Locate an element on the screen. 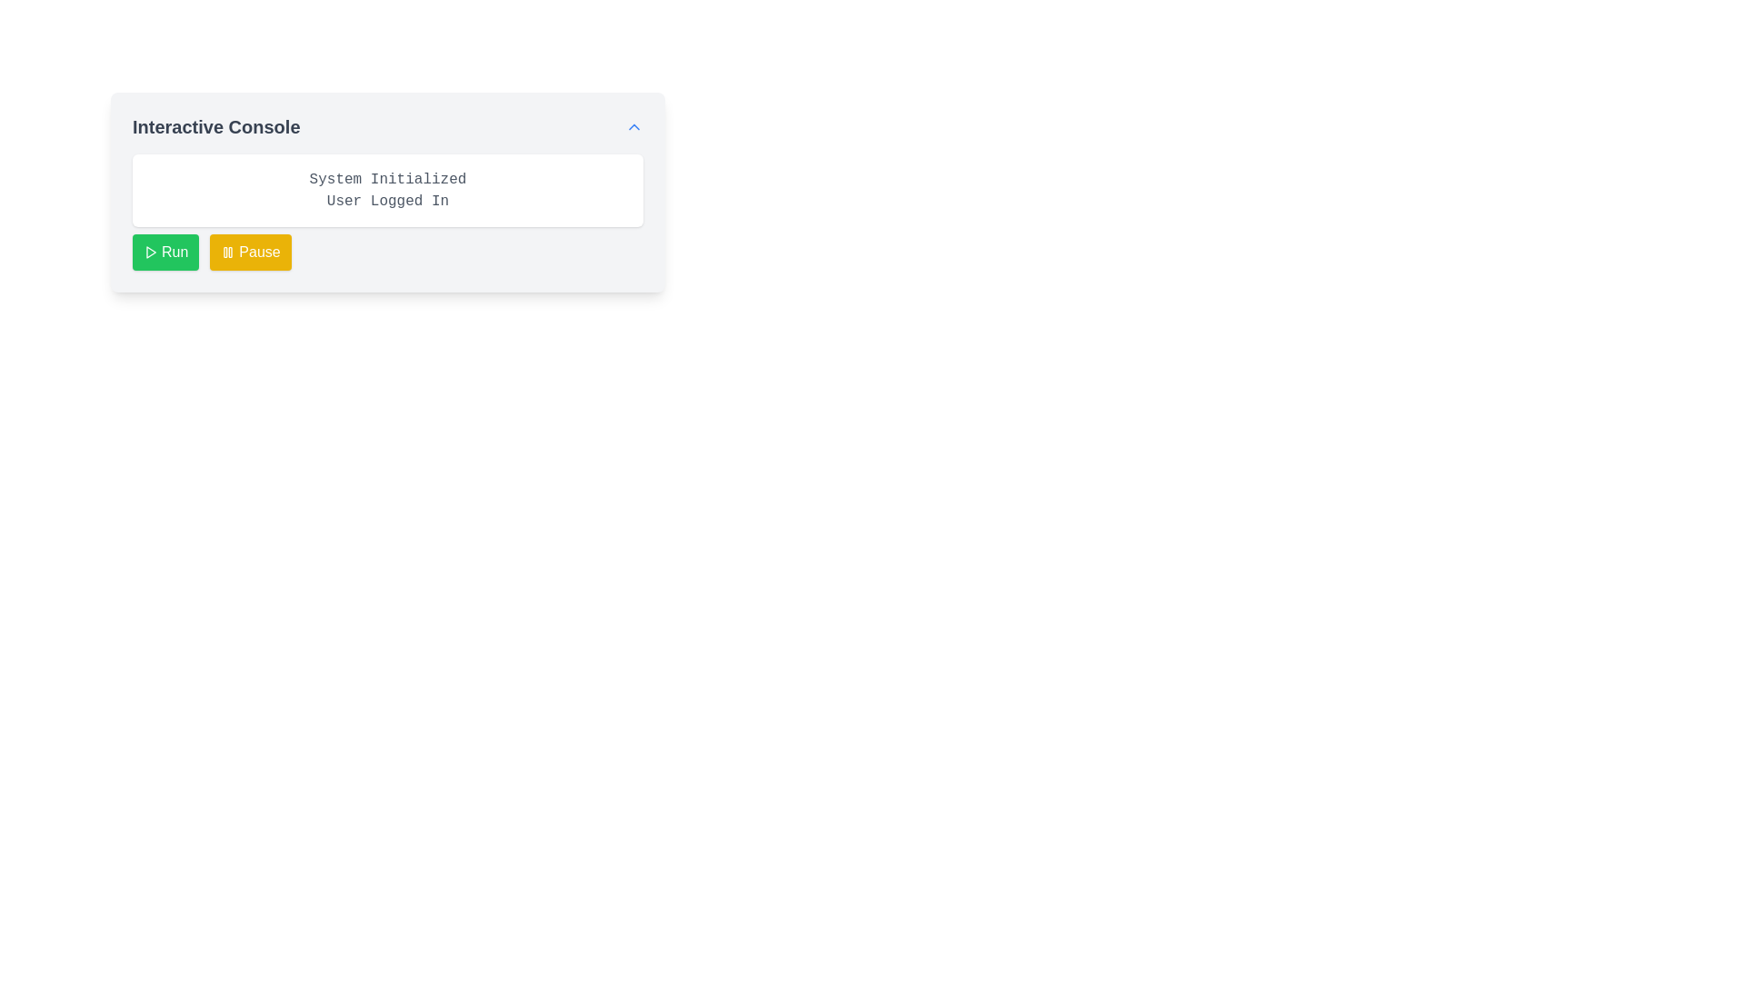 The image size is (1745, 981). status text displayed in the top-center Text block of the 'Interactive Console' section, which is positioned above the 'Run' and 'Pause' buttons is located at coordinates (387, 190).